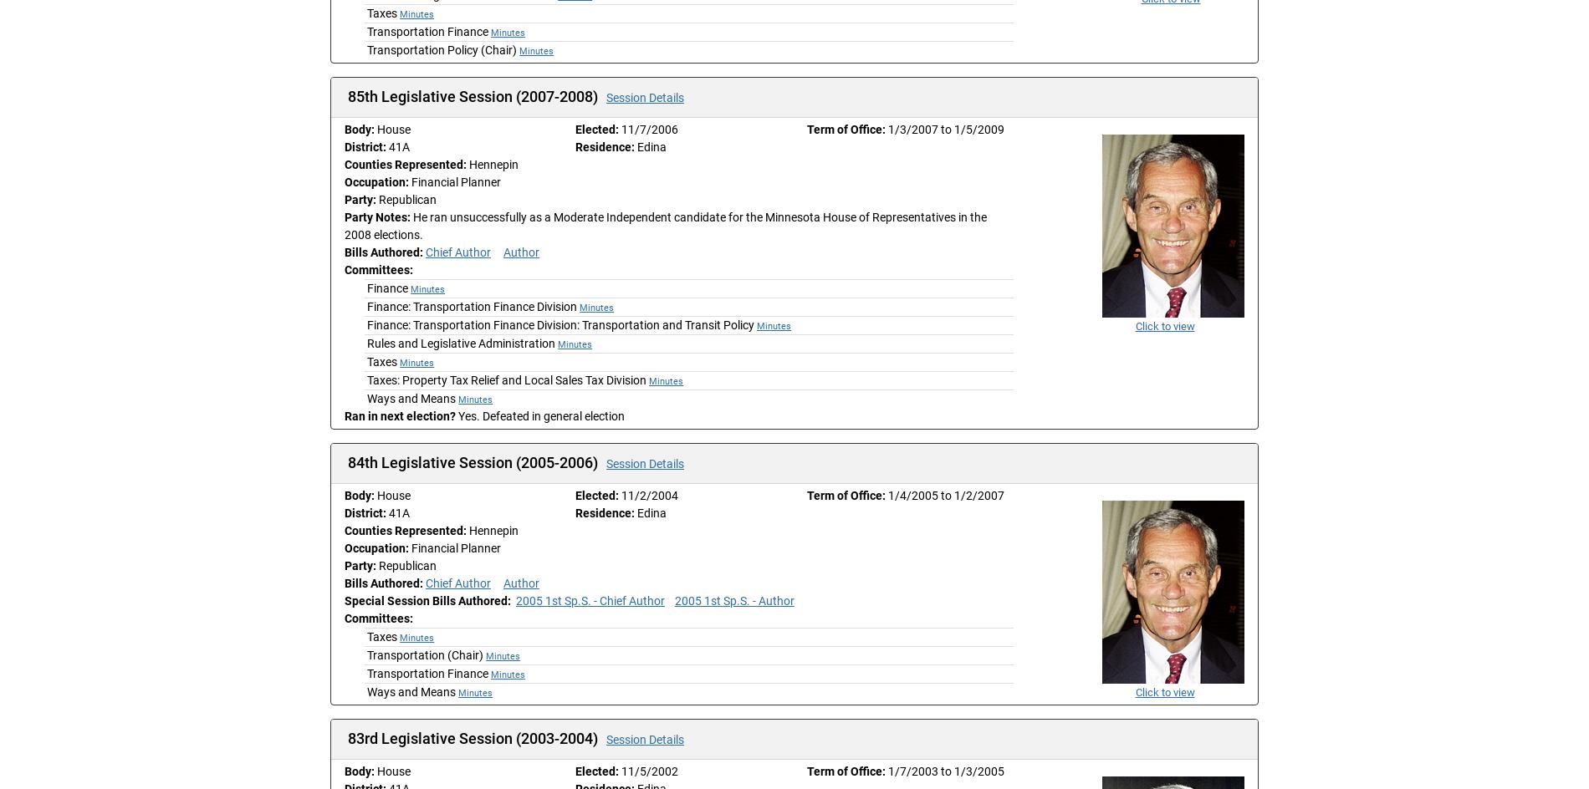  I want to click on 'Finance: Transportation Finance Division', so click(472, 307).